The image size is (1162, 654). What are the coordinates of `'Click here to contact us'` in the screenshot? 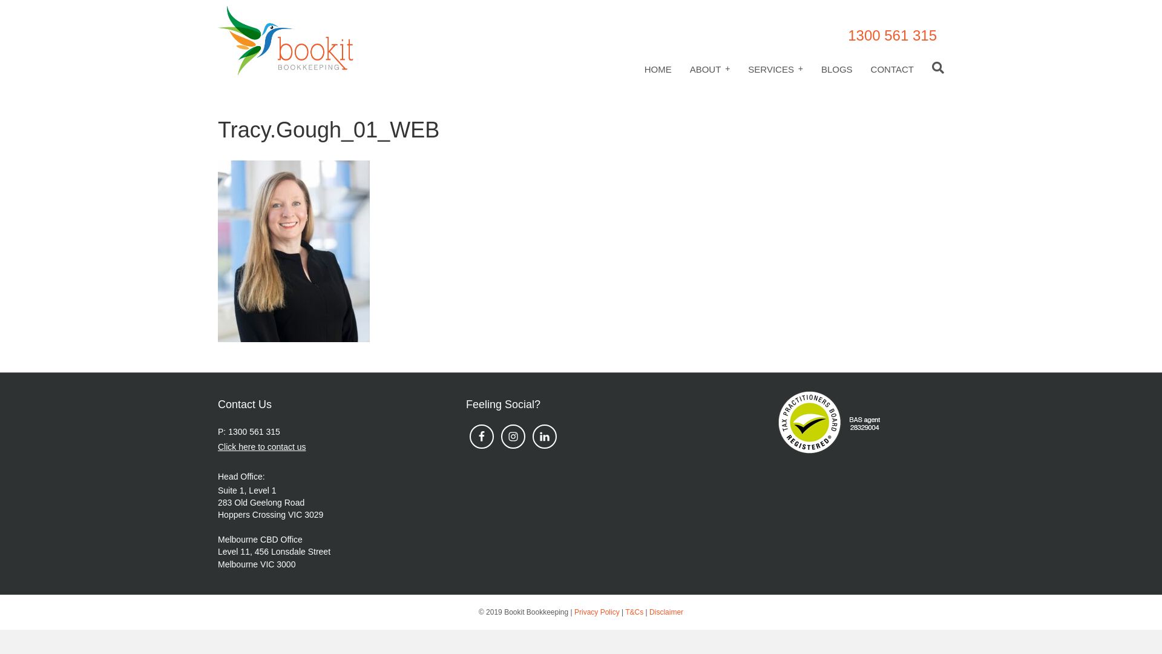 It's located at (261, 446).